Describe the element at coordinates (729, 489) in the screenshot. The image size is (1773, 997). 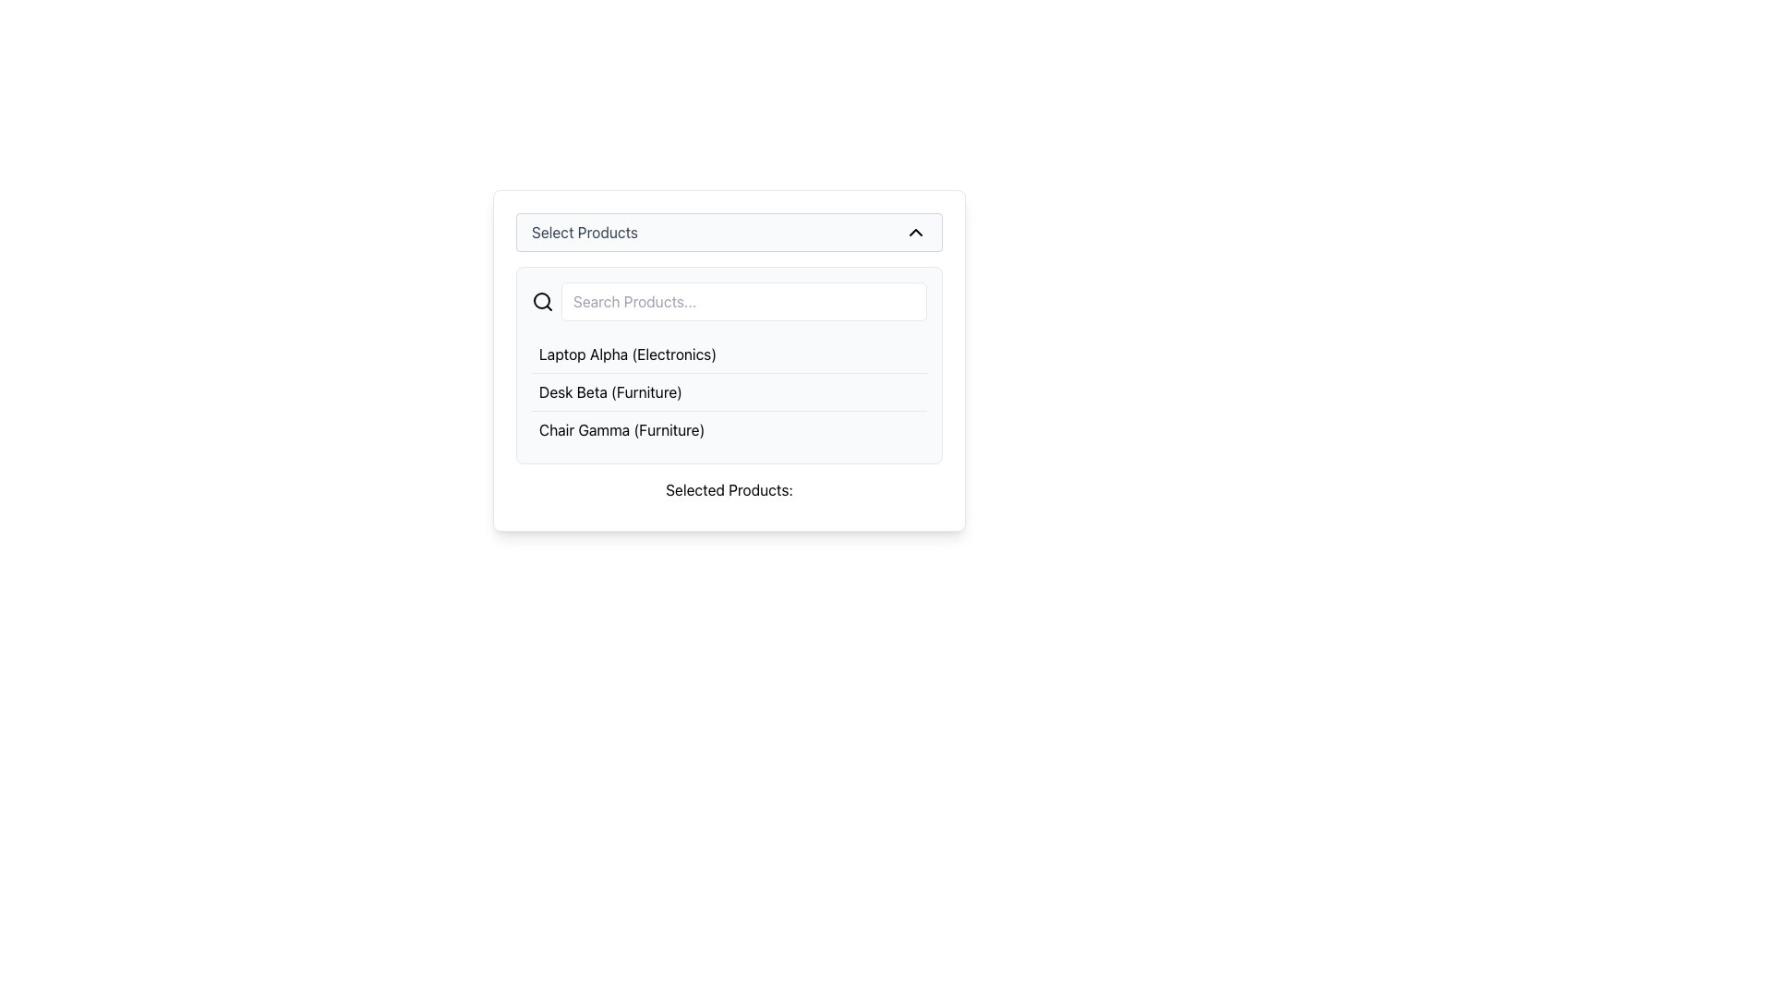
I see `the Text label that introduces the section for selected products, located below the list of products including 'Laptop Alpha', 'Desk Beta', and 'Chair Gamma'` at that location.